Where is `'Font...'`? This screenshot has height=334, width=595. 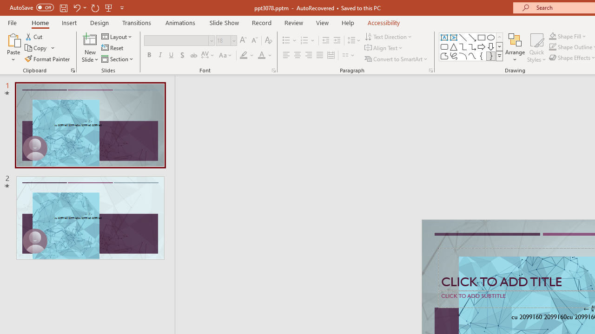 'Font...' is located at coordinates (273, 70).